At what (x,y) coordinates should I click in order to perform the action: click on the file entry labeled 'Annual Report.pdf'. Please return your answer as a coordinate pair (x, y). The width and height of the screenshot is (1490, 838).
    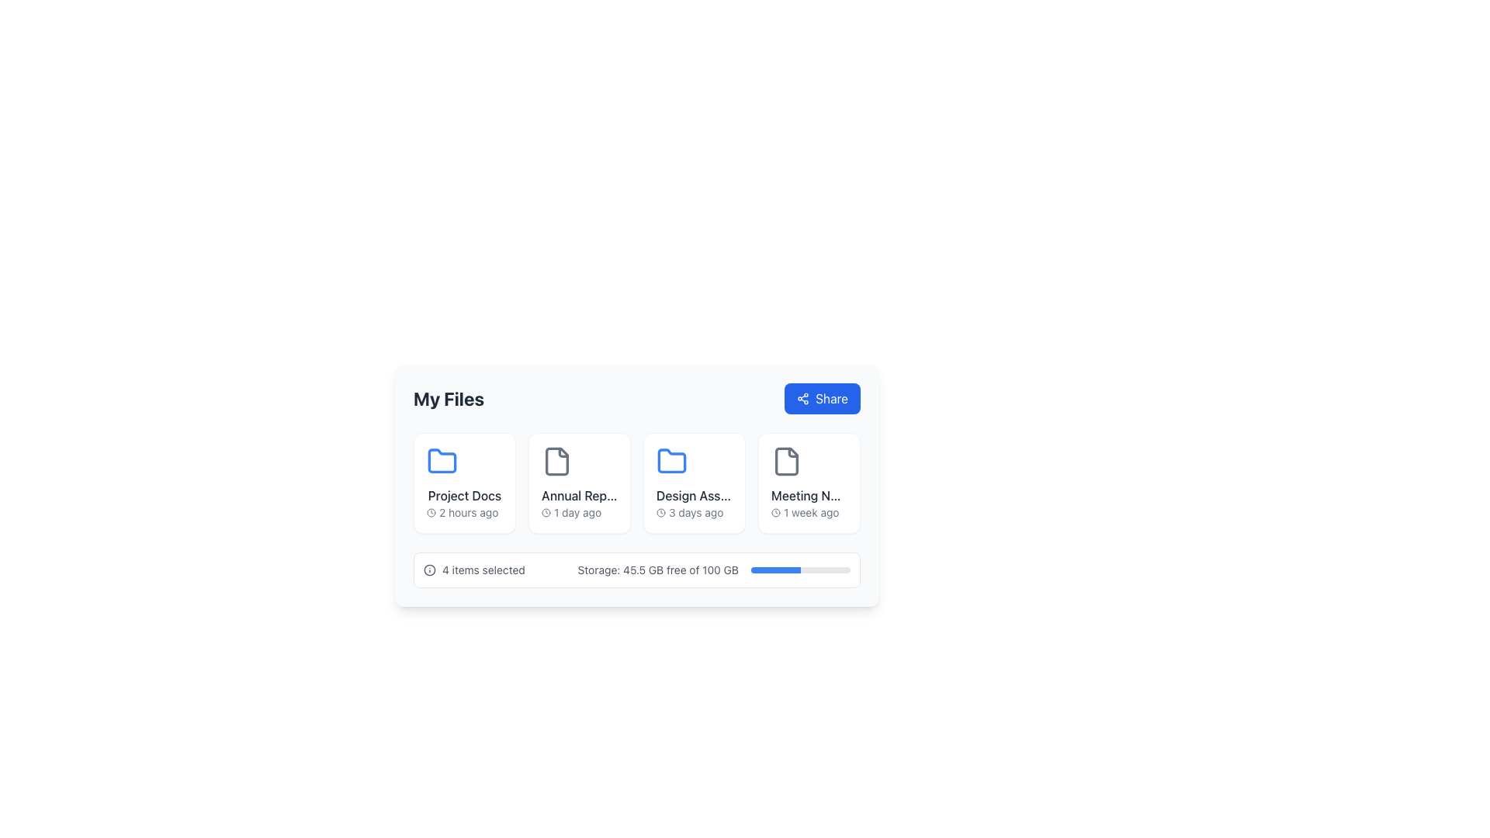
    Looking at the image, I should click on (579, 483).